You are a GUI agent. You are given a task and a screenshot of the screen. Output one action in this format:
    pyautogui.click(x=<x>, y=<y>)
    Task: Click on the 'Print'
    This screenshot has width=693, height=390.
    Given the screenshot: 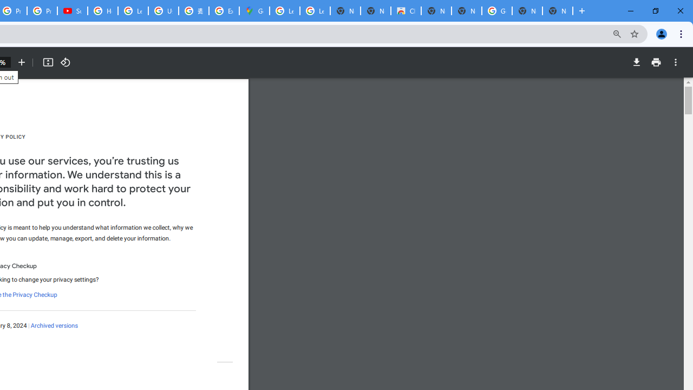 What is the action you would take?
    pyautogui.click(x=655, y=62)
    